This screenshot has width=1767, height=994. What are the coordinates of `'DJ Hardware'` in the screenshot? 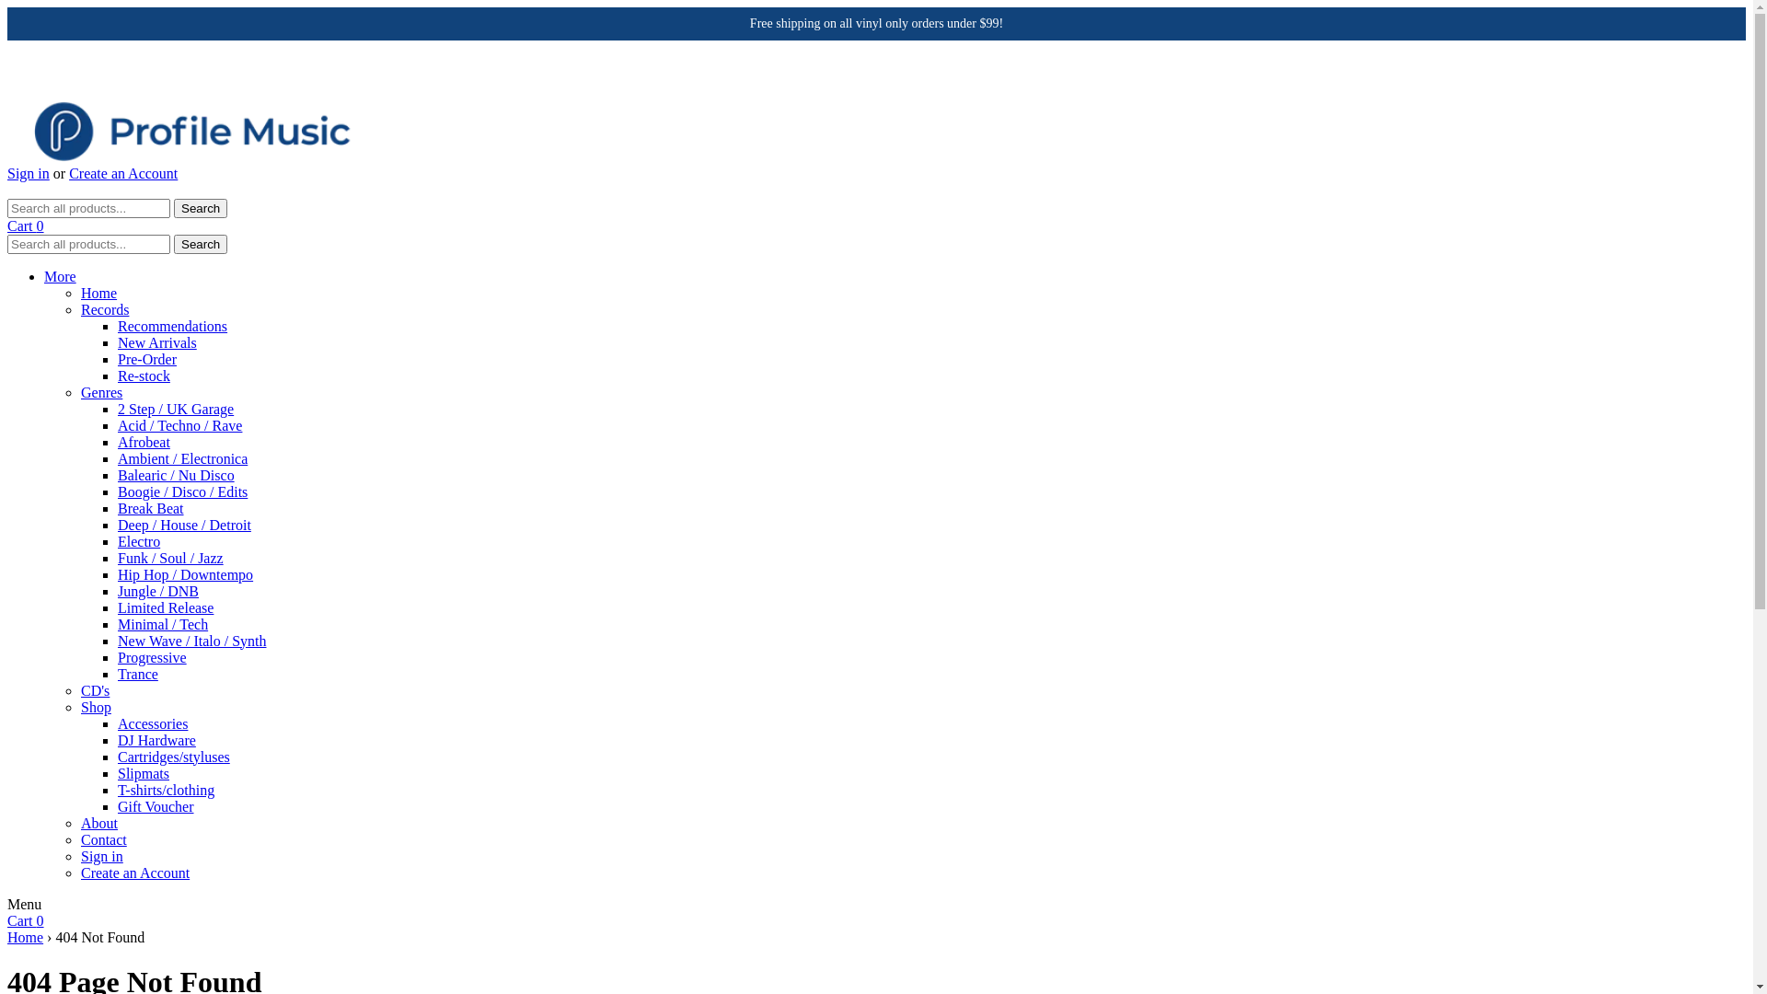 It's located at (156, 739).